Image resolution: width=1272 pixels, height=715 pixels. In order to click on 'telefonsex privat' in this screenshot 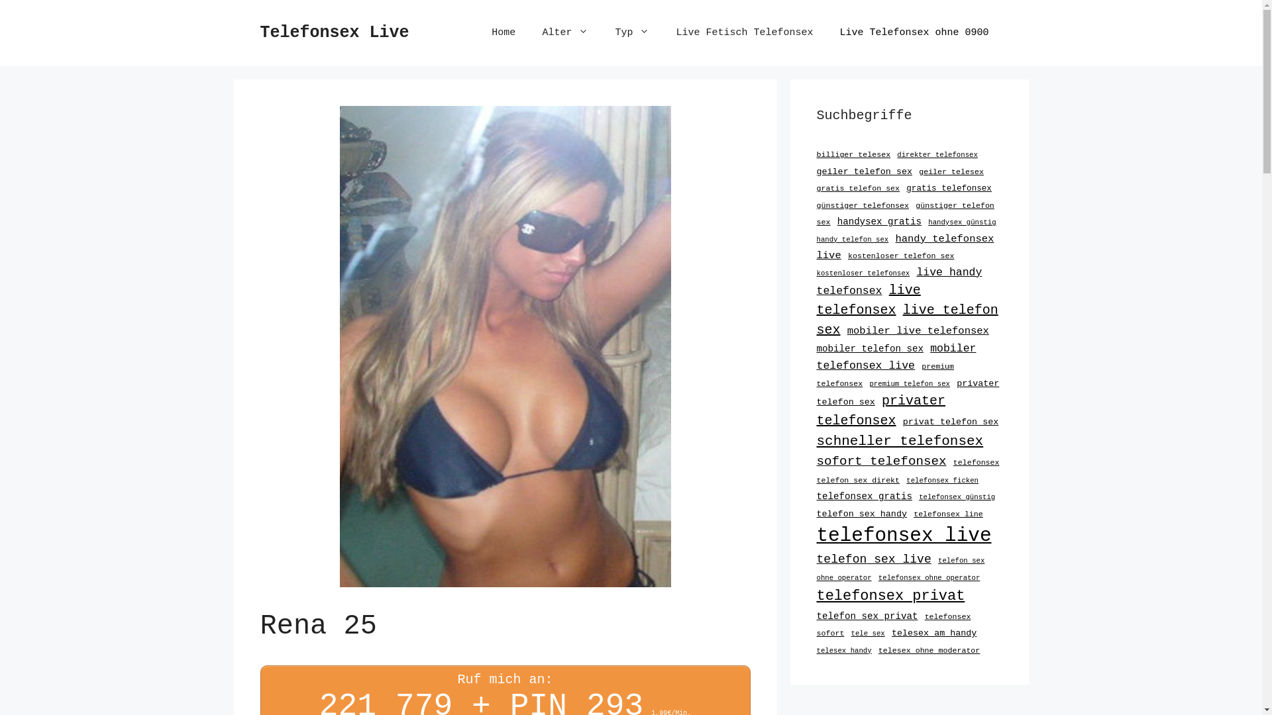, I will do `click(890, 596)`.